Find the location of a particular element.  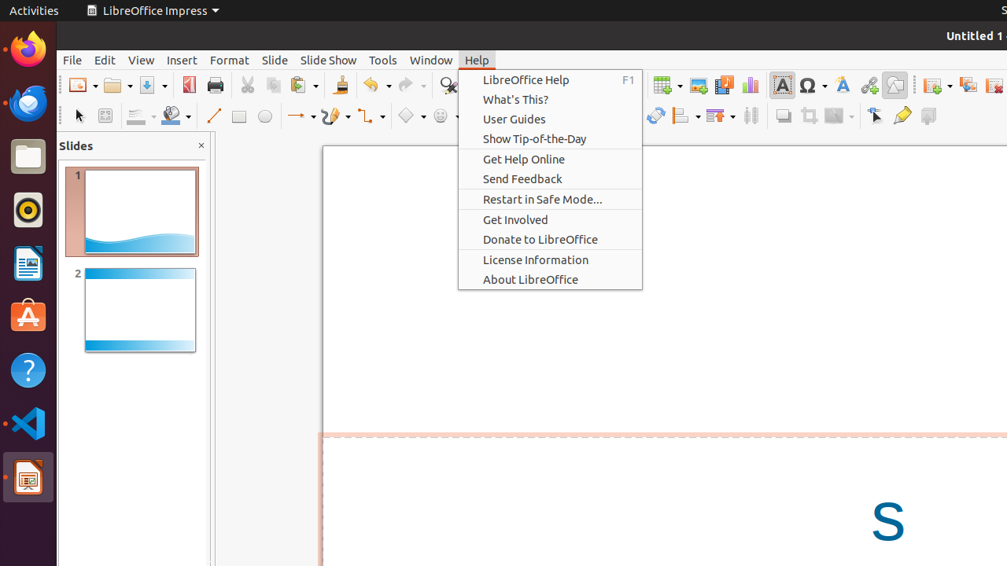

'Window' is located at coordinates (430, 59).